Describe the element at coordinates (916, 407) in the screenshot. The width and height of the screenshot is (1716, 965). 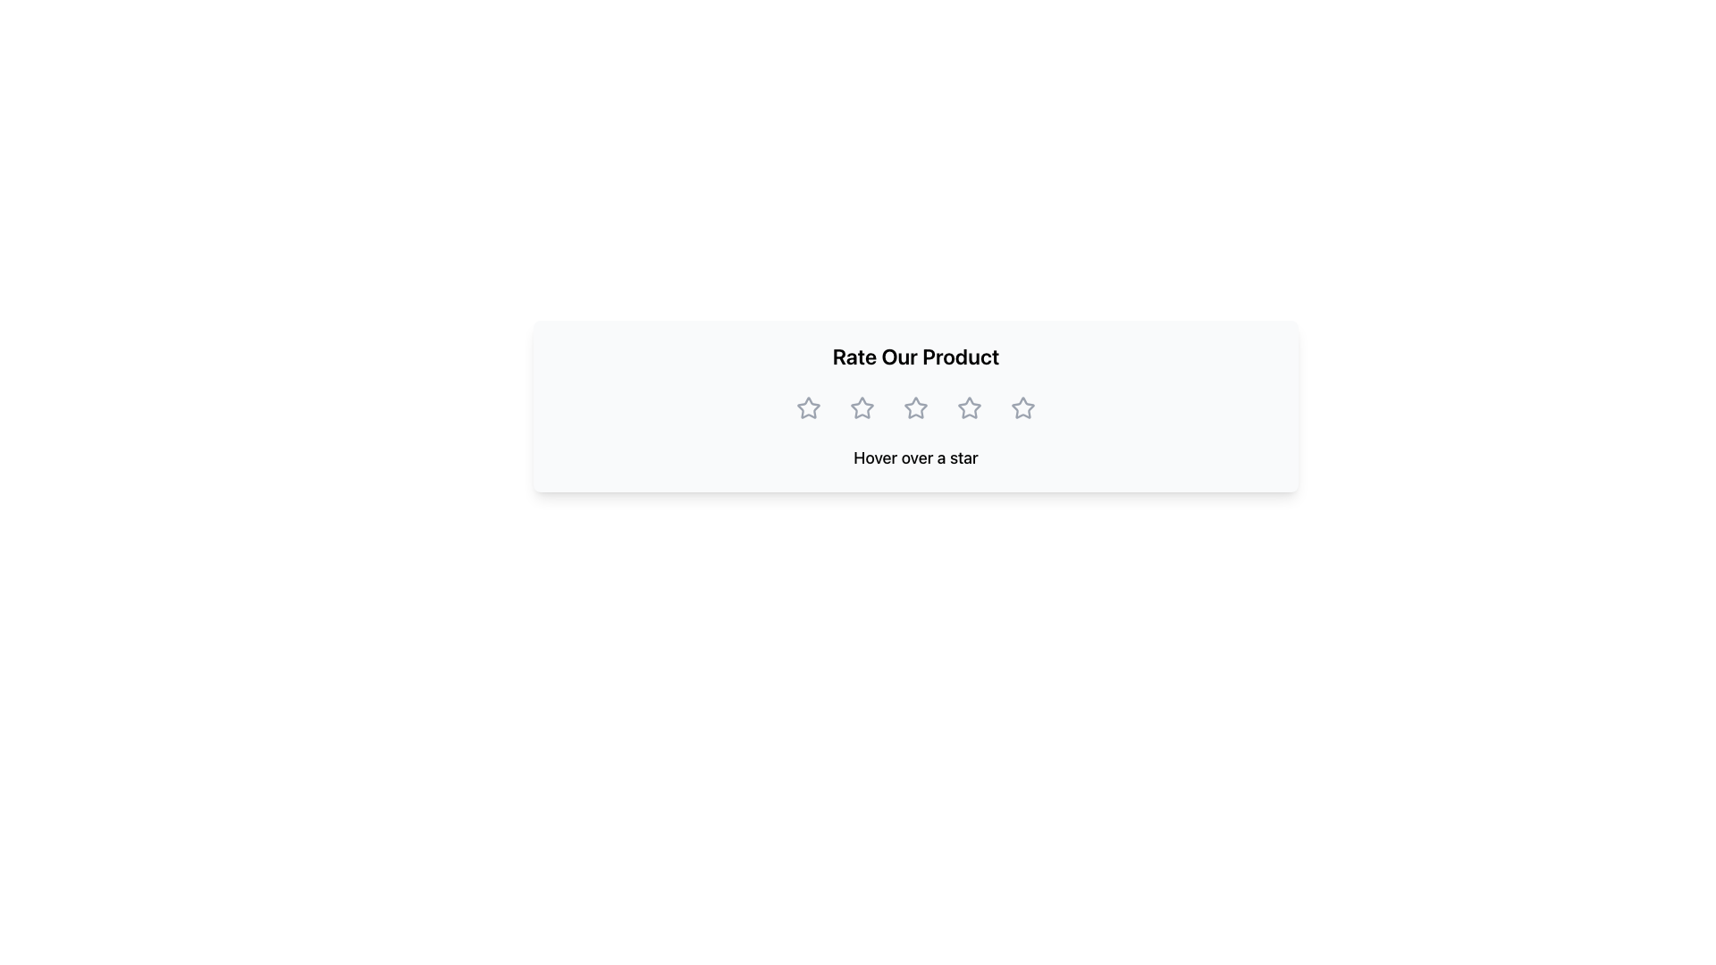
I see `the third star-shaped icon with a gray outline in the rating interface, which is part of a row of five stars` at that location.